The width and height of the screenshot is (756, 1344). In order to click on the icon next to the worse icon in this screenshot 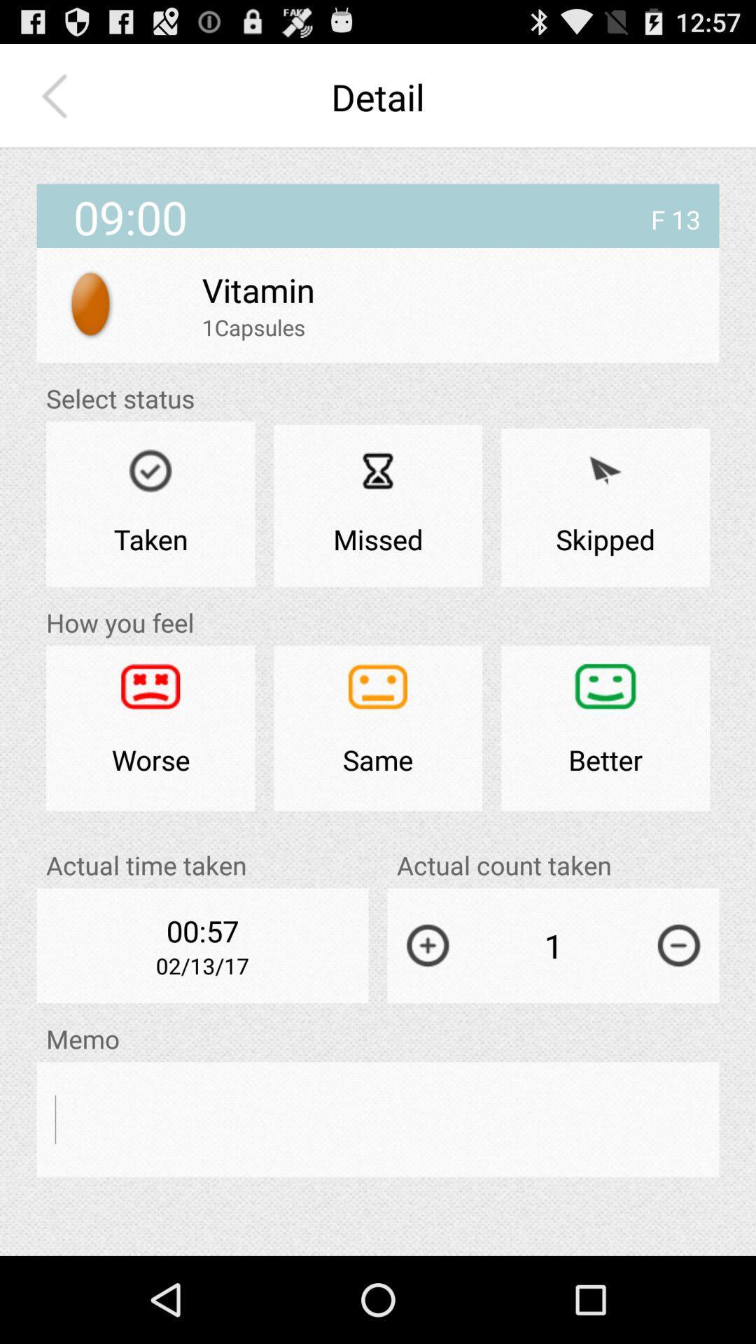, I will do `click(378, 728)`.